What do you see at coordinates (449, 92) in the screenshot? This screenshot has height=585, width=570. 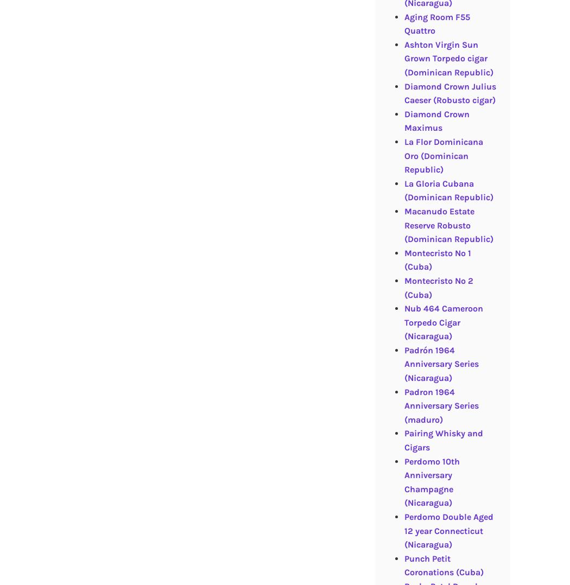 I see `'Diamond Crown Julius Caeser (Robusto cigar)'` at bounding box center [449, 92].